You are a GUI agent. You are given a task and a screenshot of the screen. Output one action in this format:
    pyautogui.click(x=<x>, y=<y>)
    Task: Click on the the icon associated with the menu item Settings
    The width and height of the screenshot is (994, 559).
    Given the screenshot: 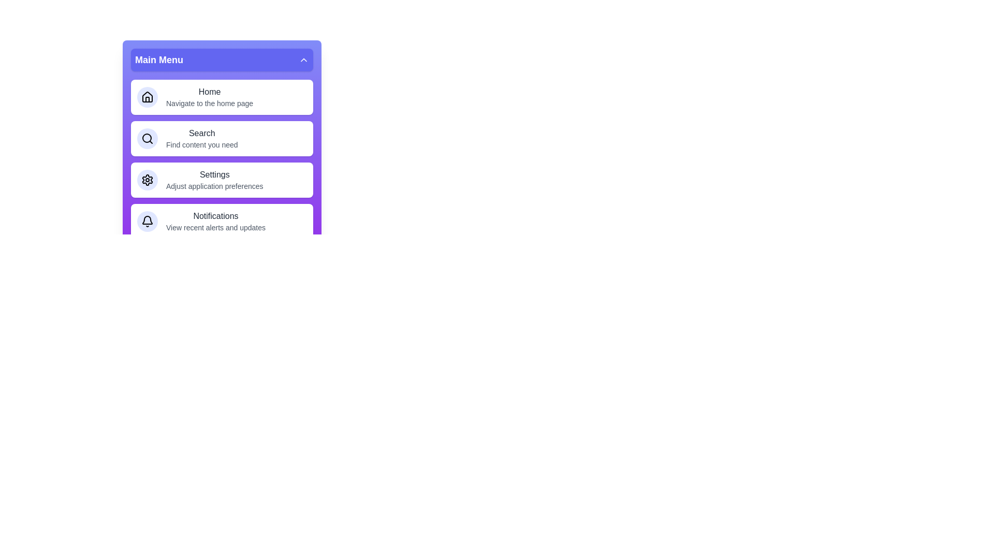 What is the action you would take?
    pyautogui.click(x=147, y=179)
    